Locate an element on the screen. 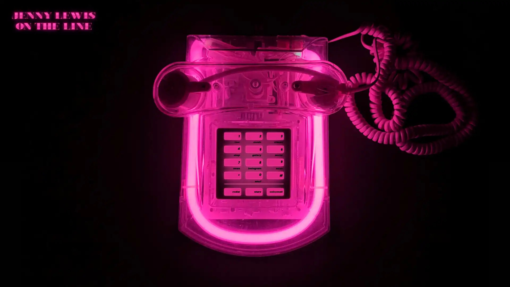 The height and width of the screenshot is (287, 510). 3 videos is located at coordinates (275, 136).